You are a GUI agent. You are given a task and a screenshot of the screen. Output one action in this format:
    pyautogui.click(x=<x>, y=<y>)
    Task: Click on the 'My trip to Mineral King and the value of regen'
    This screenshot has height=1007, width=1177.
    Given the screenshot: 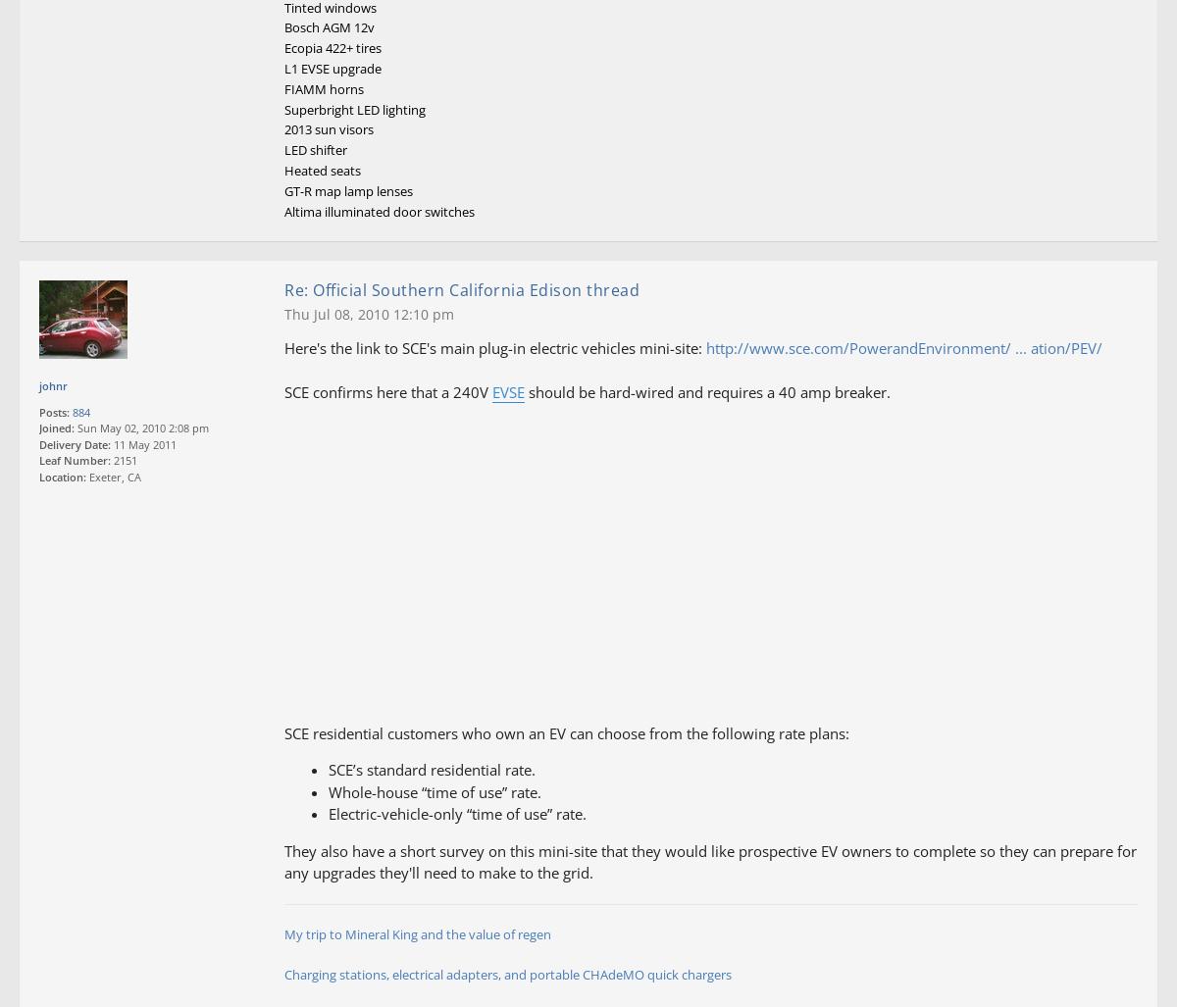 What is the action you would take?
    pyautogui.click(x=418, y=933)
    